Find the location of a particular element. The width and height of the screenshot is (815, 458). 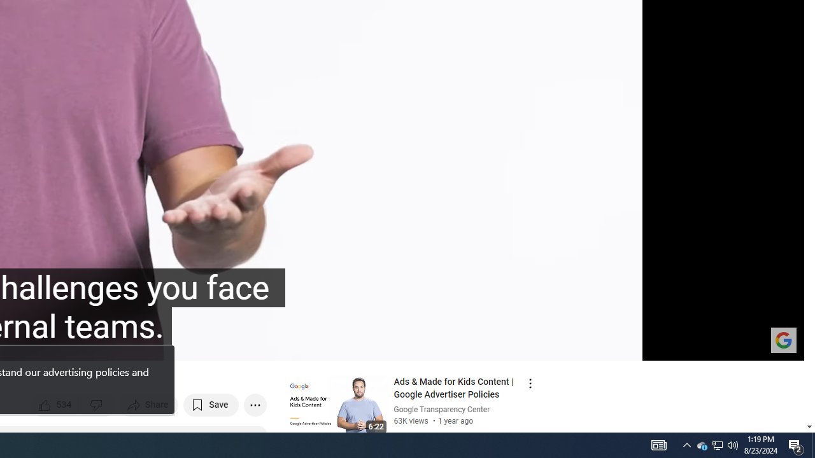

'Dislike this video' is located at coordinates (97, 405).